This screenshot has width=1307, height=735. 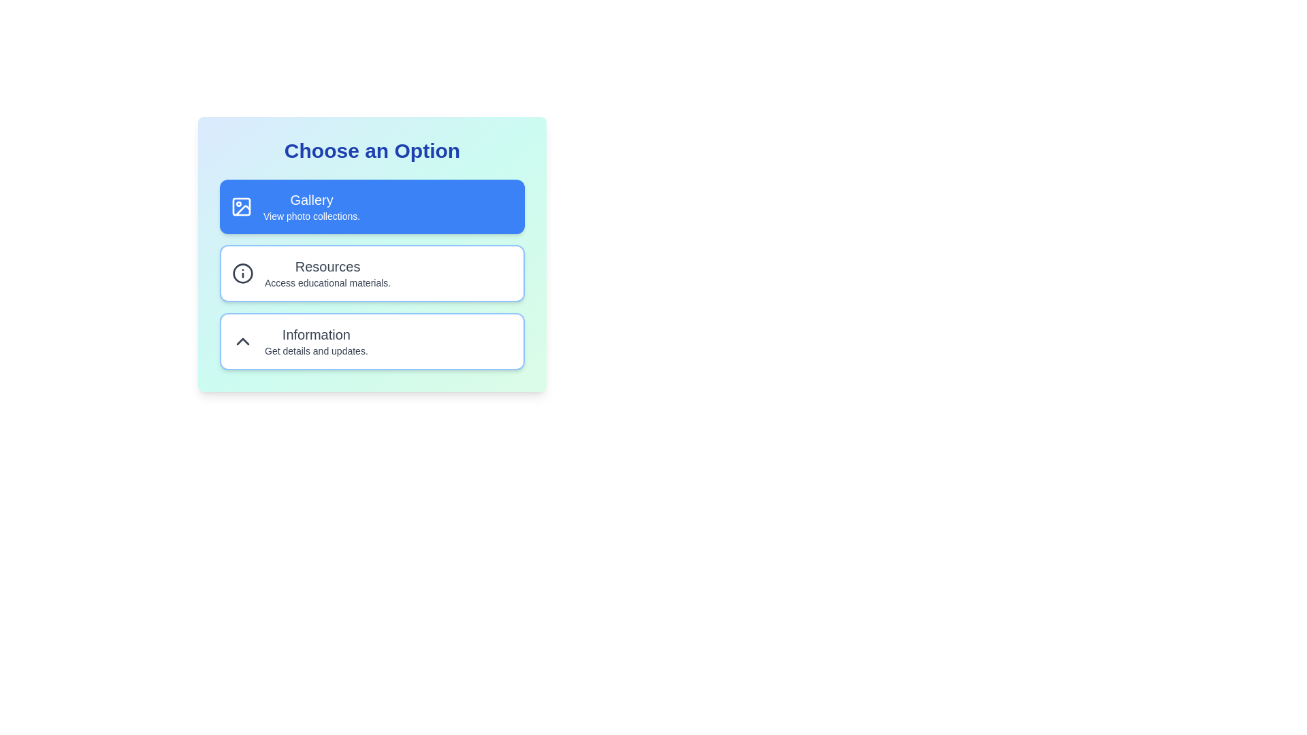 What do you see at coordinates (372, 207) in the screenshot?
I see `the top-center button` at bounding box center [372, 207].